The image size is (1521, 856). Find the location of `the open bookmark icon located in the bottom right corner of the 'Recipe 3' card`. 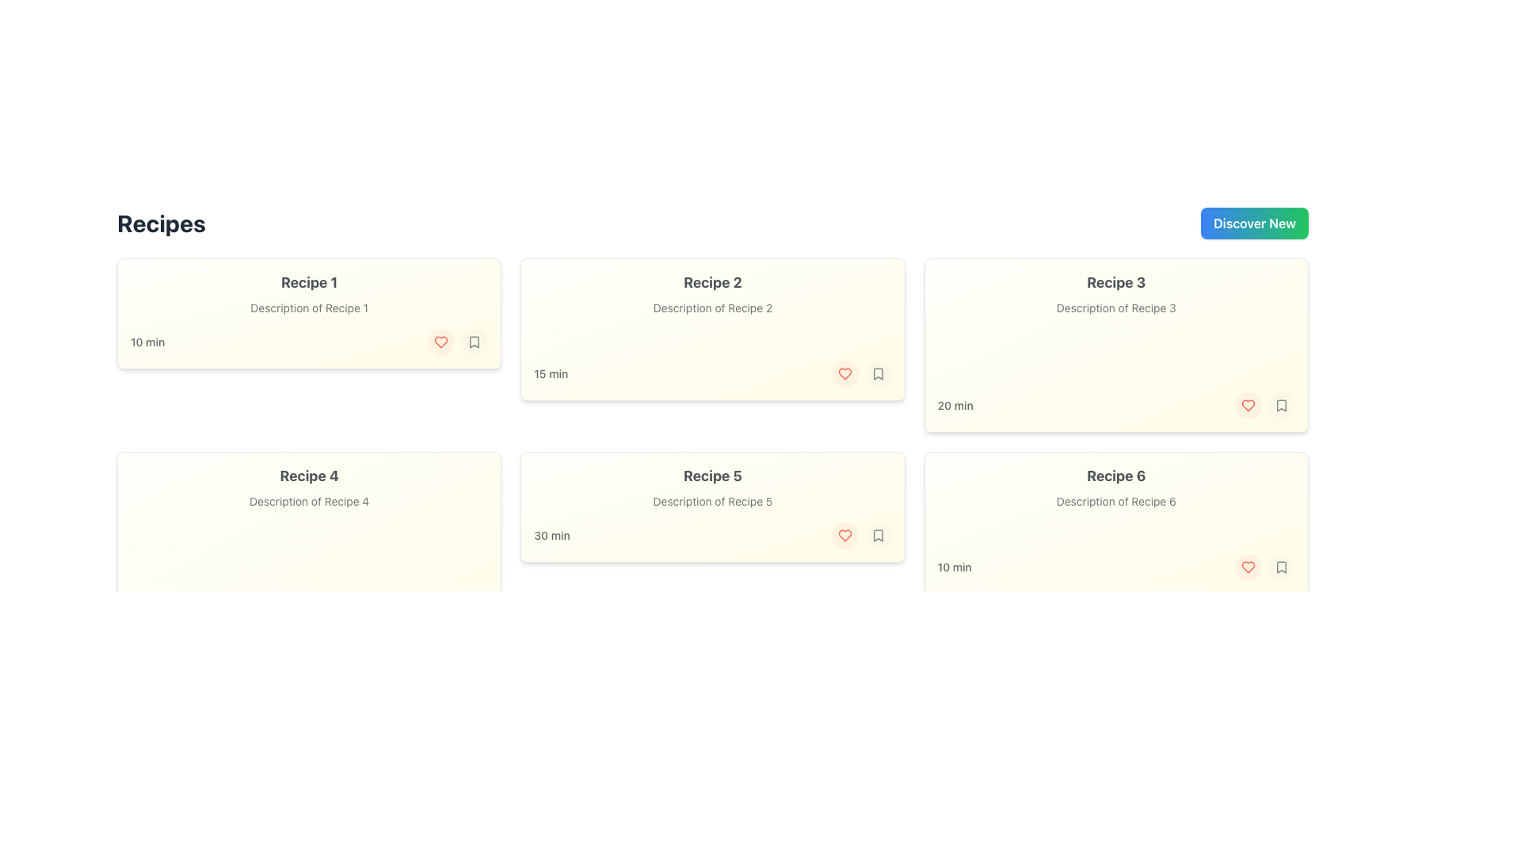

the open bookmark icon located in the bottom right corner of the 'Recipe 3' card is located at coordinates (1281, 405).